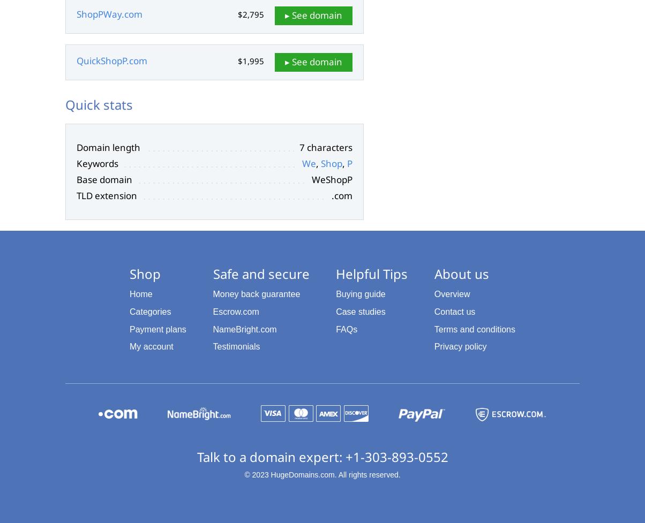 The height and width of the screenshot is (523, 645). I want to click on 'P', so click(350, 163).